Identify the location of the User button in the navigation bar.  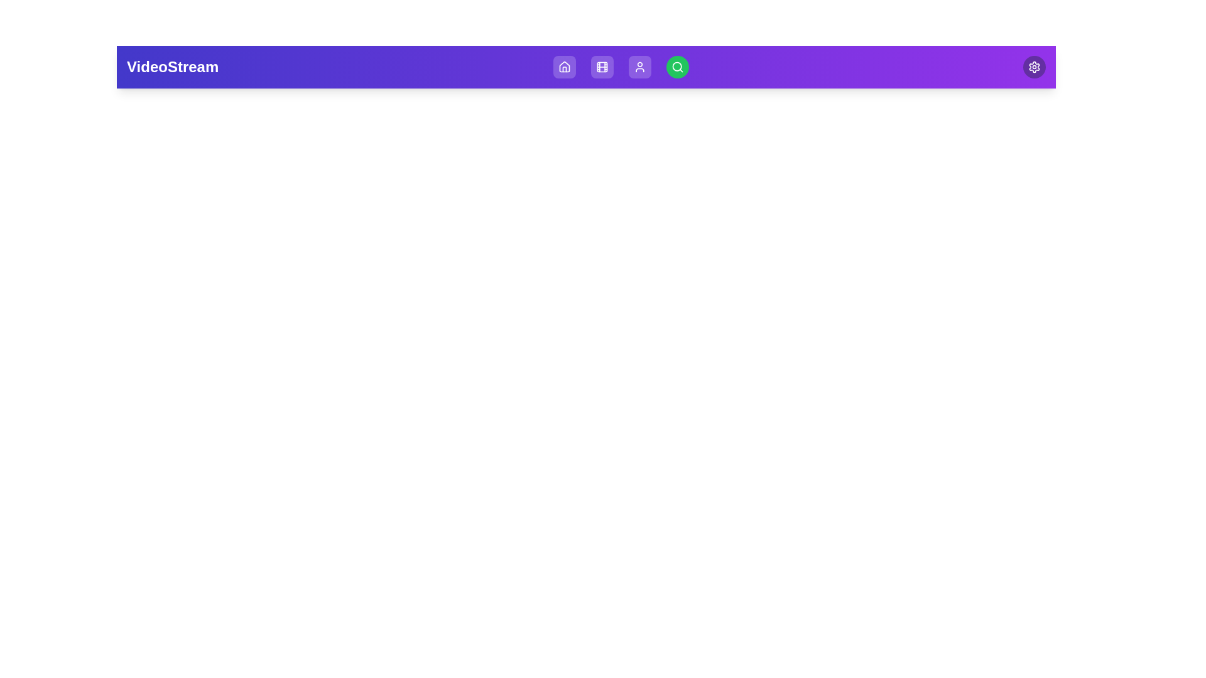
(639, 67).